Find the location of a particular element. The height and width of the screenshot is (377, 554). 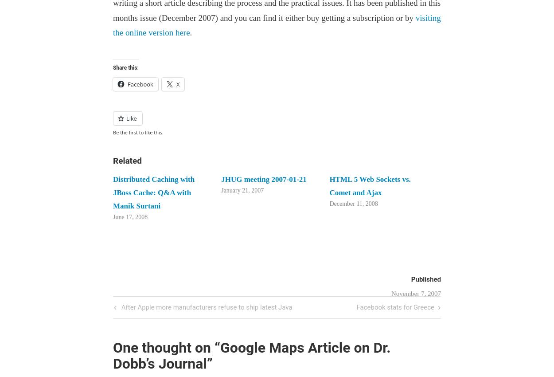

'November 7, 2007' is located at coordinates (416, 293).